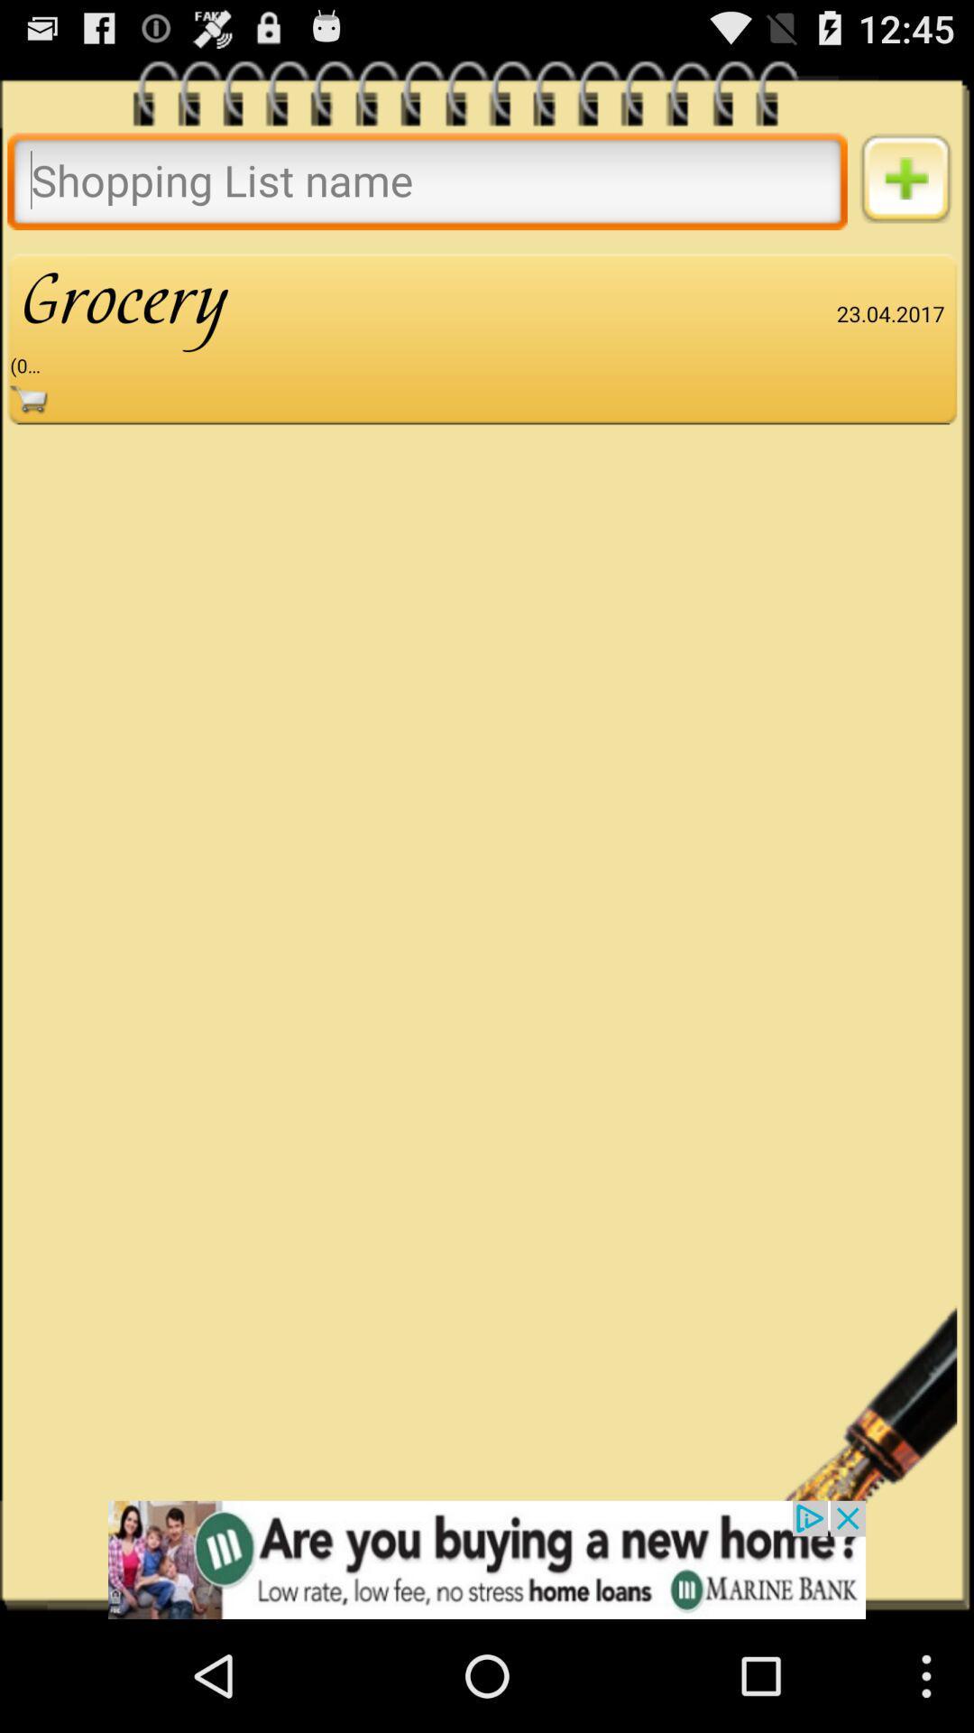  What do you see at coordinates (905, 190) in the screenshot?
I see `the add icon` at bounding box center [905, 190].